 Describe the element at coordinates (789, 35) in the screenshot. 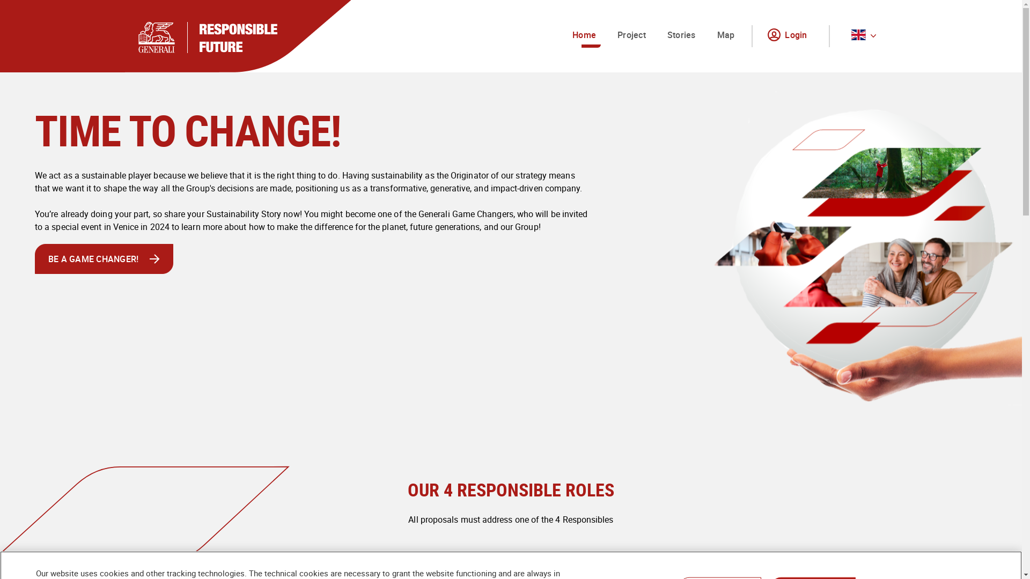

I see `'Login'` at that location.